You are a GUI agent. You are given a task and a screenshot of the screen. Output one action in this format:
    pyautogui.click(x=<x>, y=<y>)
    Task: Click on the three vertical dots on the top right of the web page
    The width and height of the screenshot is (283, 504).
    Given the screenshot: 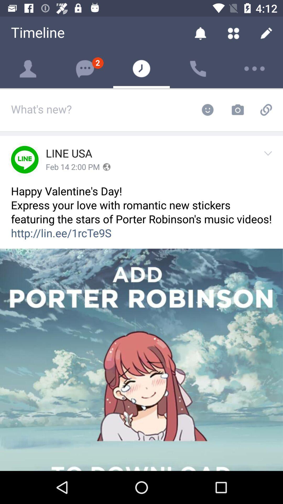 What is the action you would take?
    pyautogui.click(x=254, y=69)
    